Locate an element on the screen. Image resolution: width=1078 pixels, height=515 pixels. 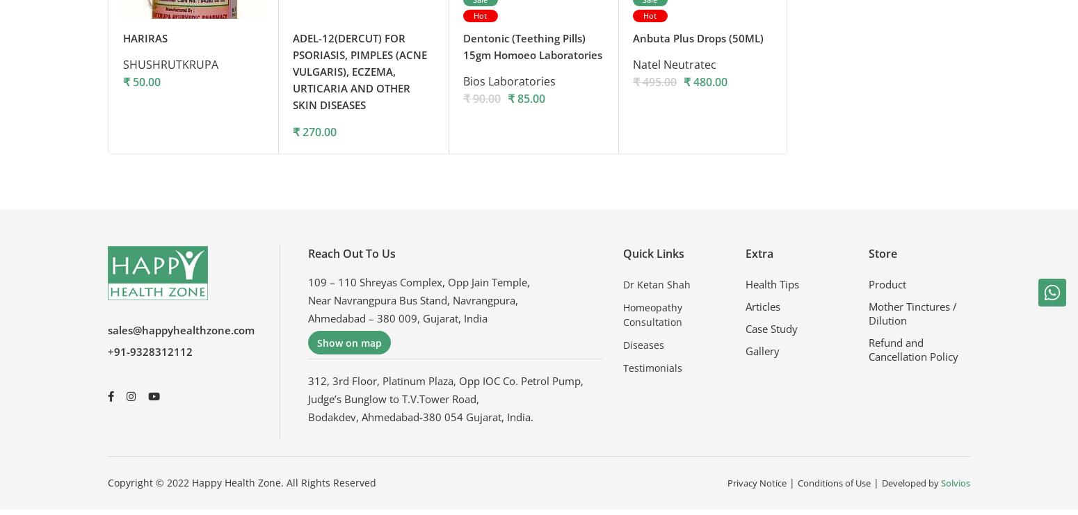
'Refund and Cancellation Policy' is located at coordinates (912, 353).